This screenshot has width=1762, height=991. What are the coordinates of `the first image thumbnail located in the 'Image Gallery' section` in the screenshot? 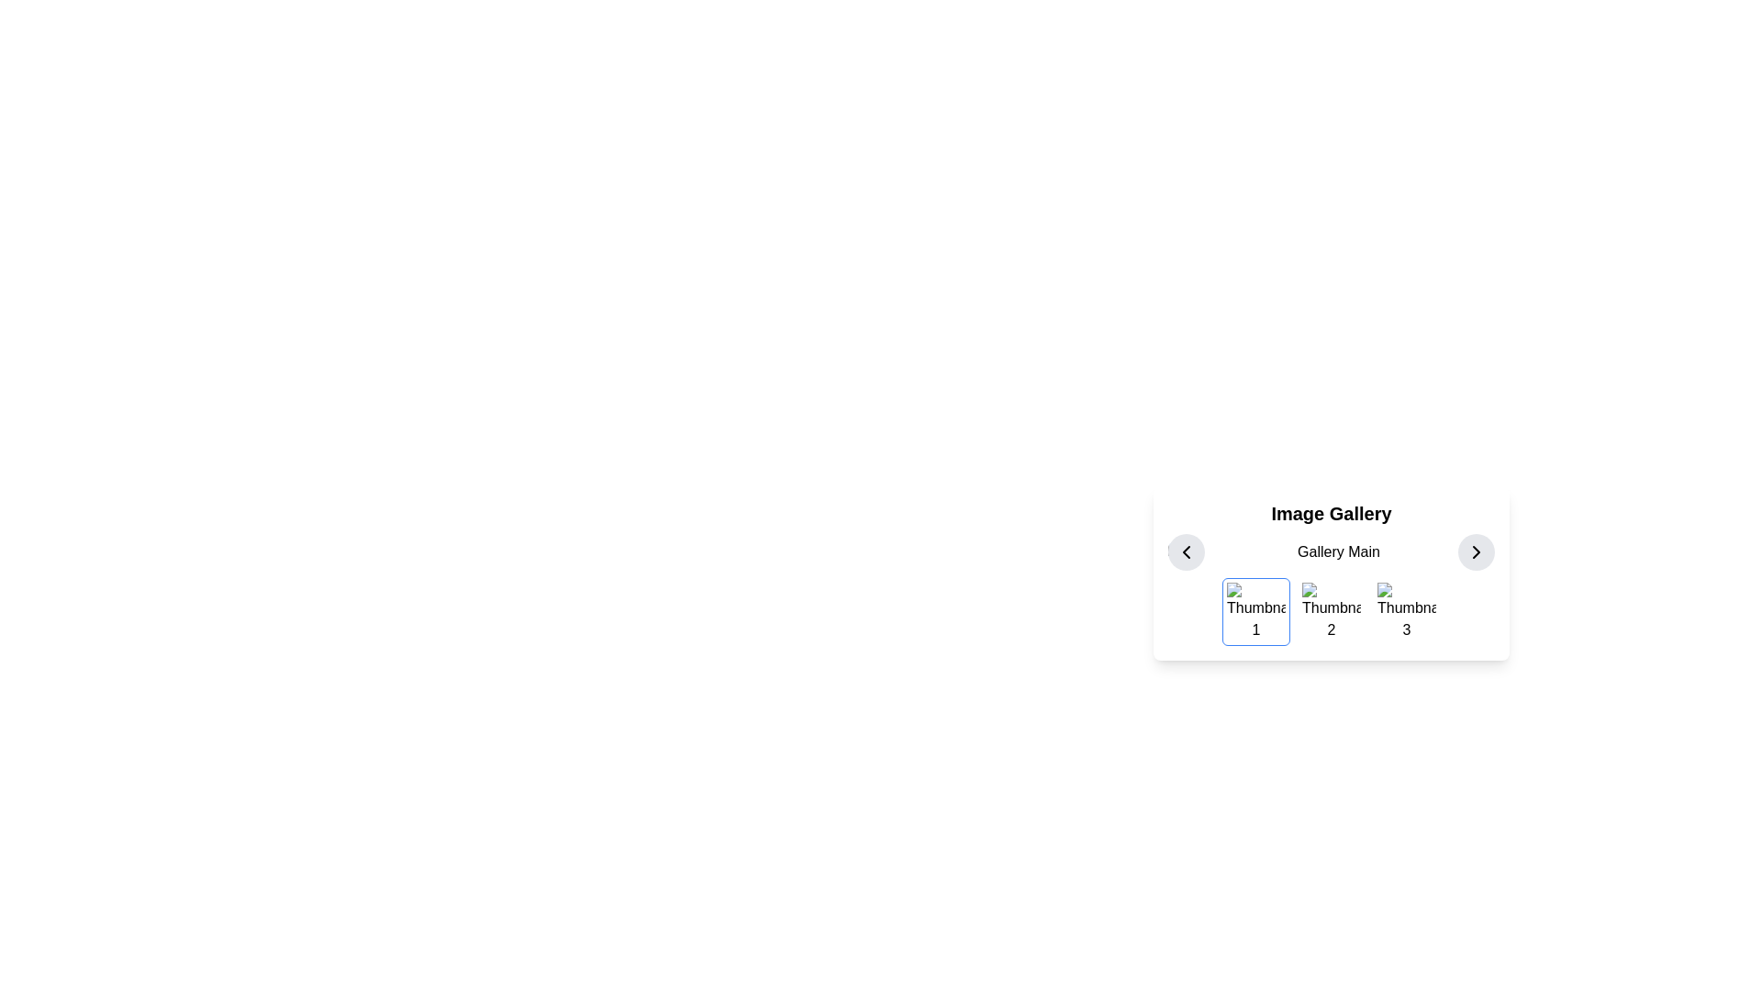 It's located at (1255, 612).